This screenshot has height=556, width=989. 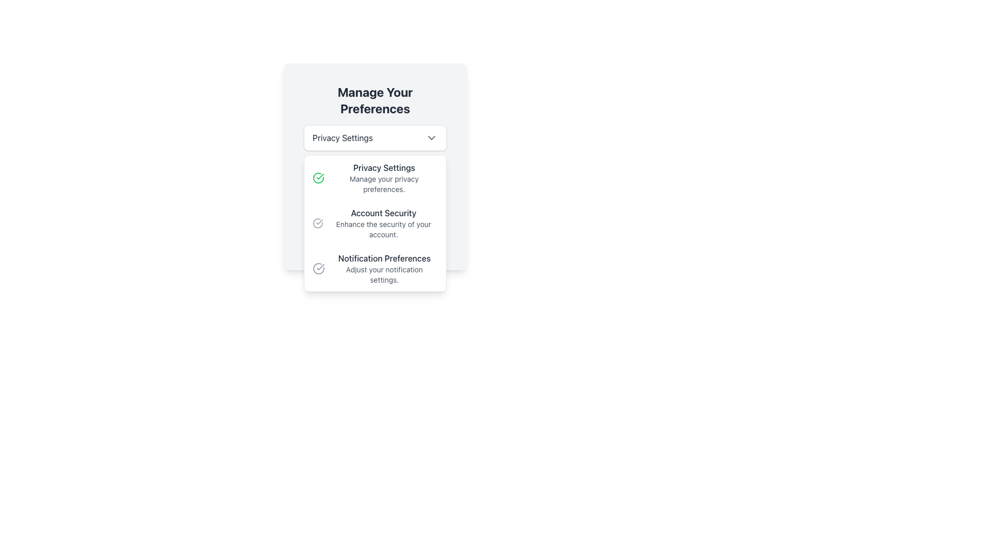 What do you see at coordinates (343, 137) in the screenshot?
I see `the 'Privacy Settings' text label which serves as a header for the dropdown menu, located at the top of the dropdown interface` at bounding box center [343, 137].